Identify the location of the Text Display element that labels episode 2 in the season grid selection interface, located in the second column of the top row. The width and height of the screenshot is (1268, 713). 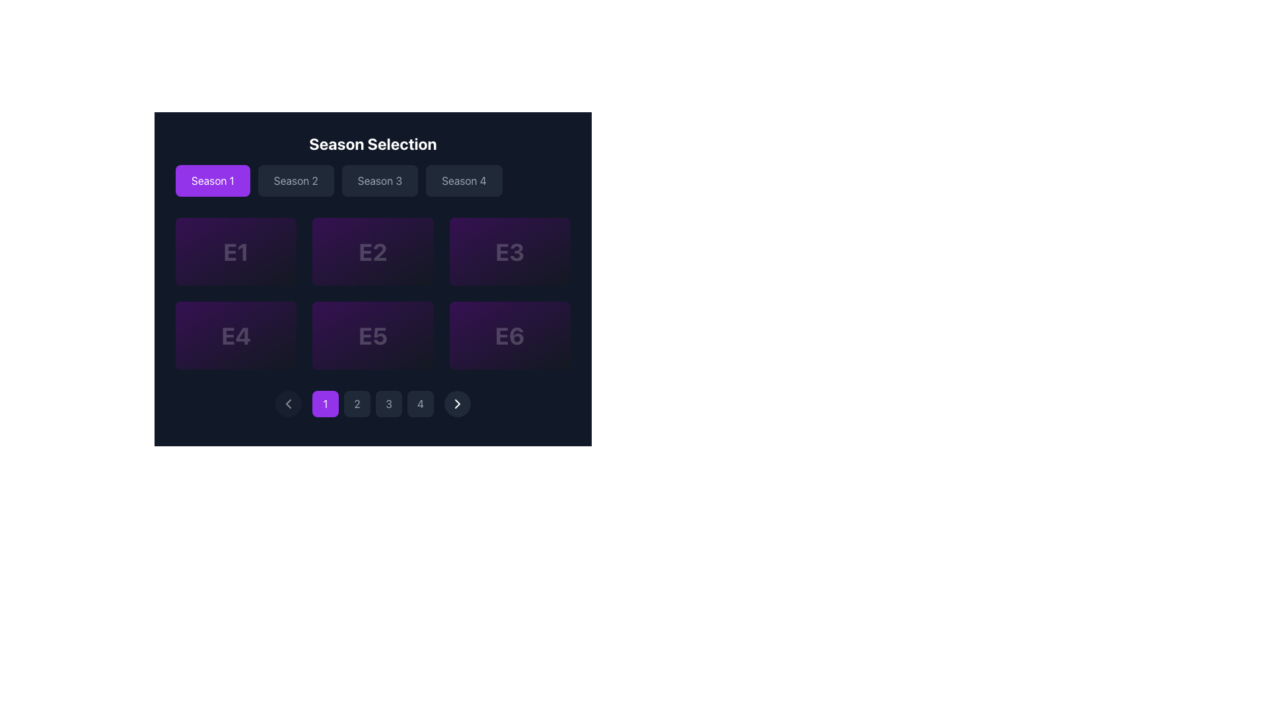
(372, 252).